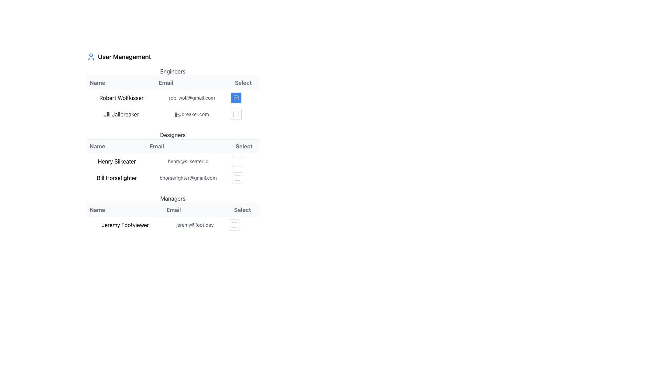 This screenshot has width=660, height=371. What do you see at coordinates (238, 177) in the screenshot?
I see `the checkbox in the 'Select' column of the 'Designers' section corresponding to the user 'Bill Horsefighter'` at bounding box center [238, 177].